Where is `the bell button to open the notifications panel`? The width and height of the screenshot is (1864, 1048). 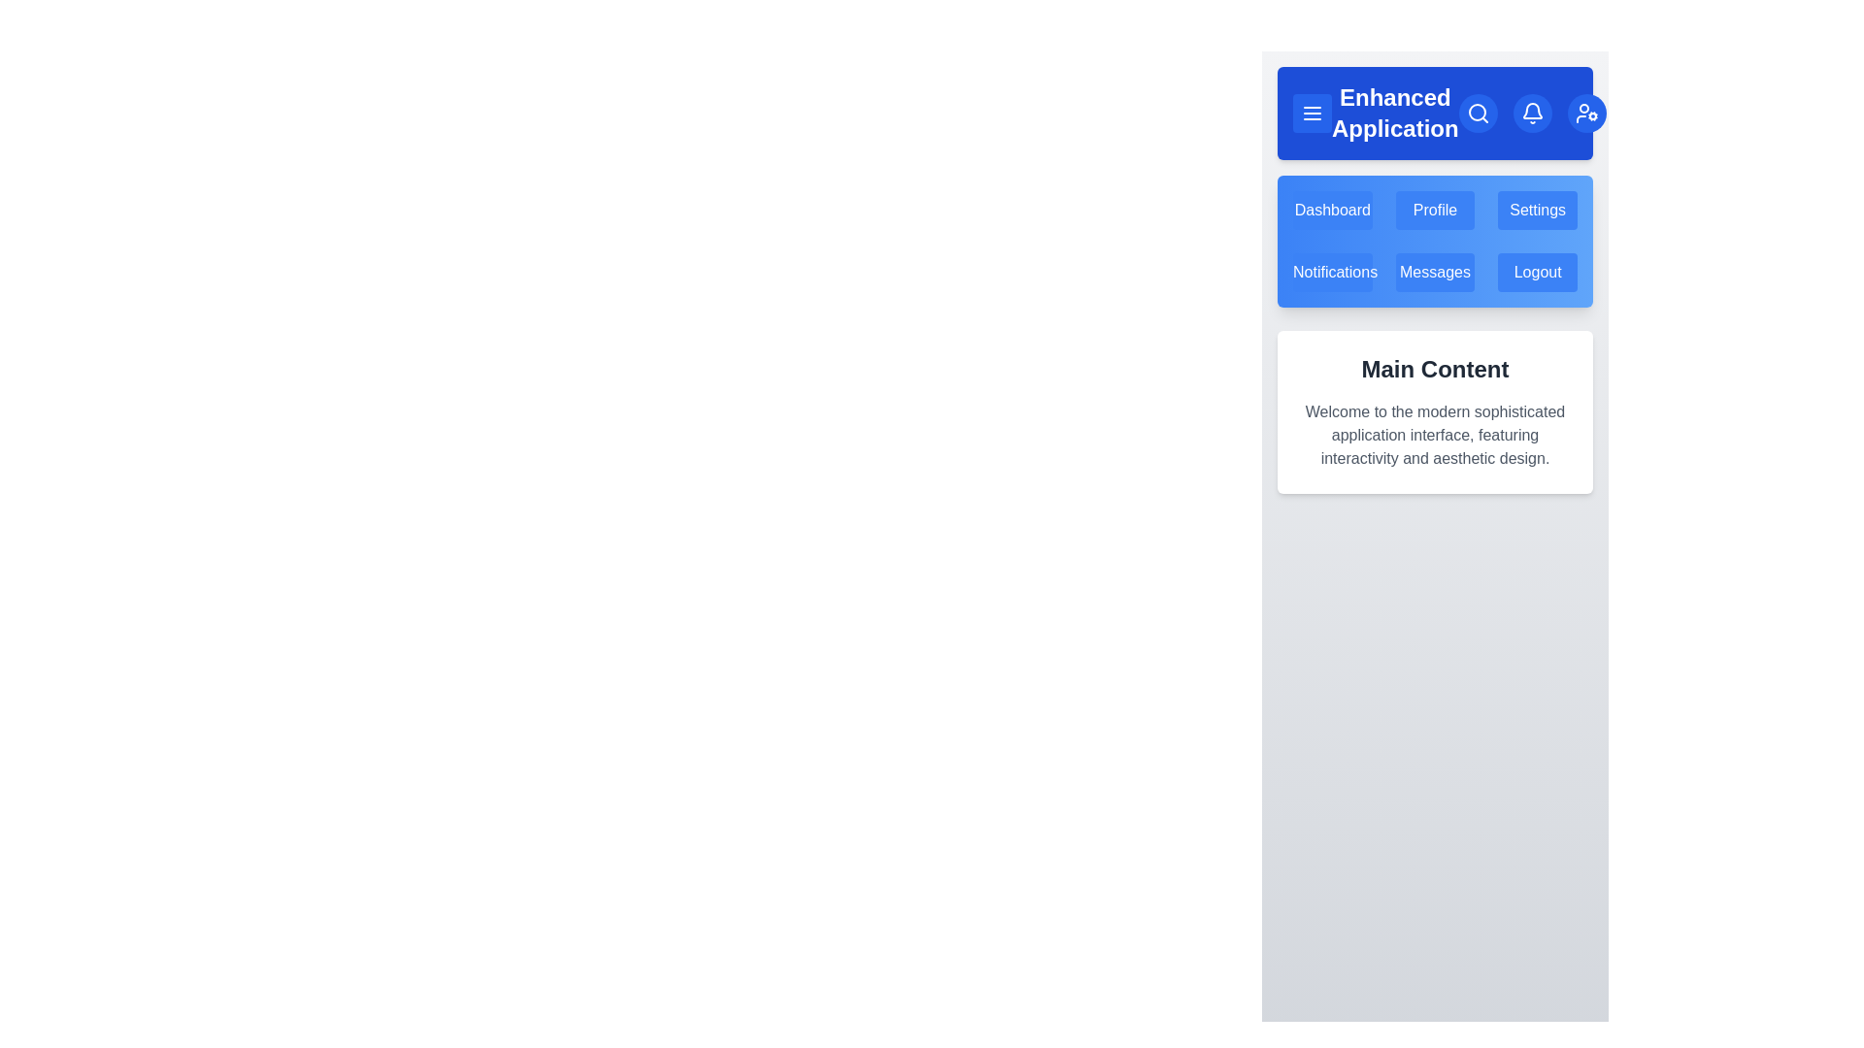
the bell button to open the notifications panel is located at coordinates (1531, 113).